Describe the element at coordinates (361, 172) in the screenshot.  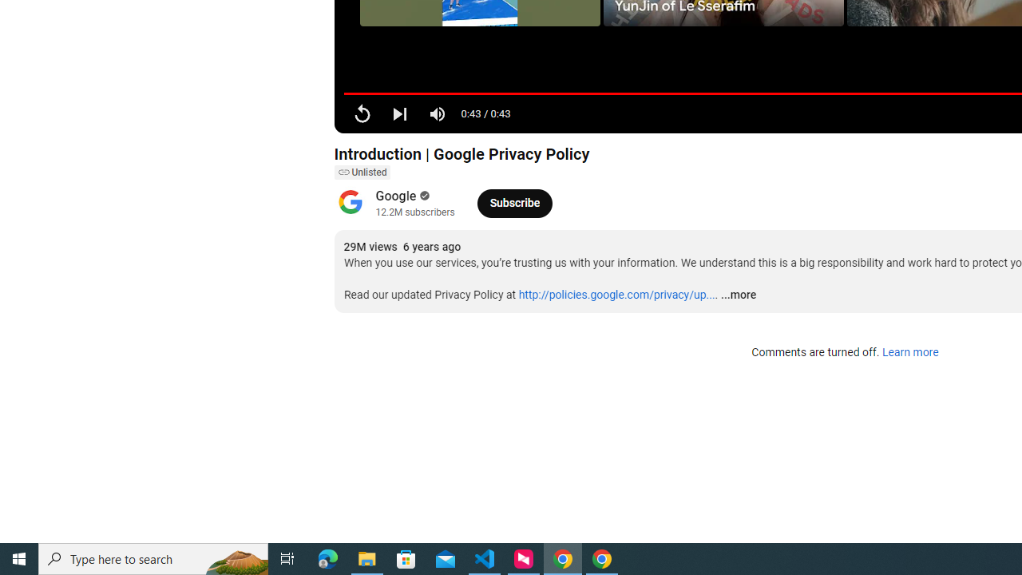
I see `'Unlisted'` at that location.